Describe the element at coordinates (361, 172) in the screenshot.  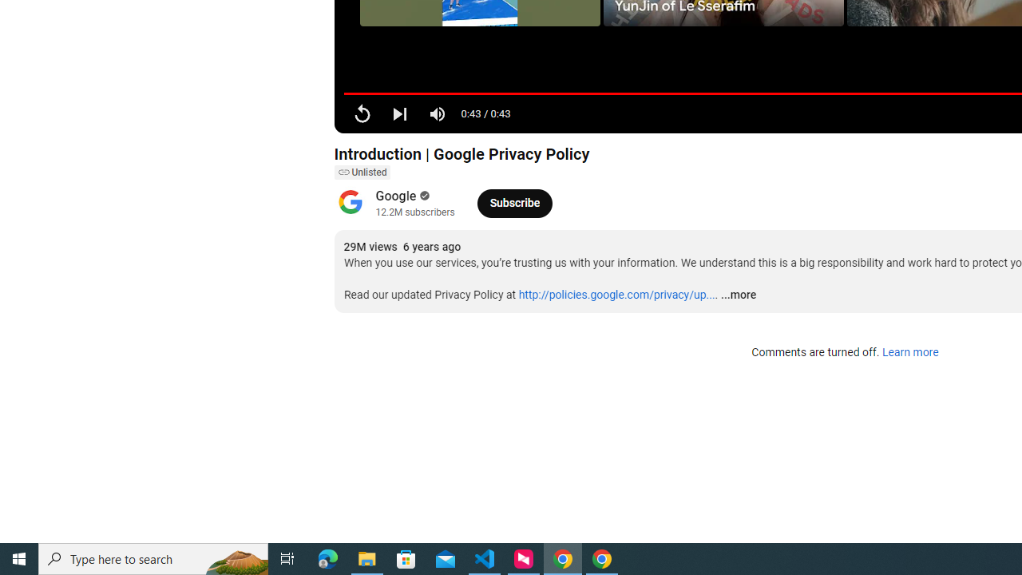
I see `'Unlisted'` at that location.